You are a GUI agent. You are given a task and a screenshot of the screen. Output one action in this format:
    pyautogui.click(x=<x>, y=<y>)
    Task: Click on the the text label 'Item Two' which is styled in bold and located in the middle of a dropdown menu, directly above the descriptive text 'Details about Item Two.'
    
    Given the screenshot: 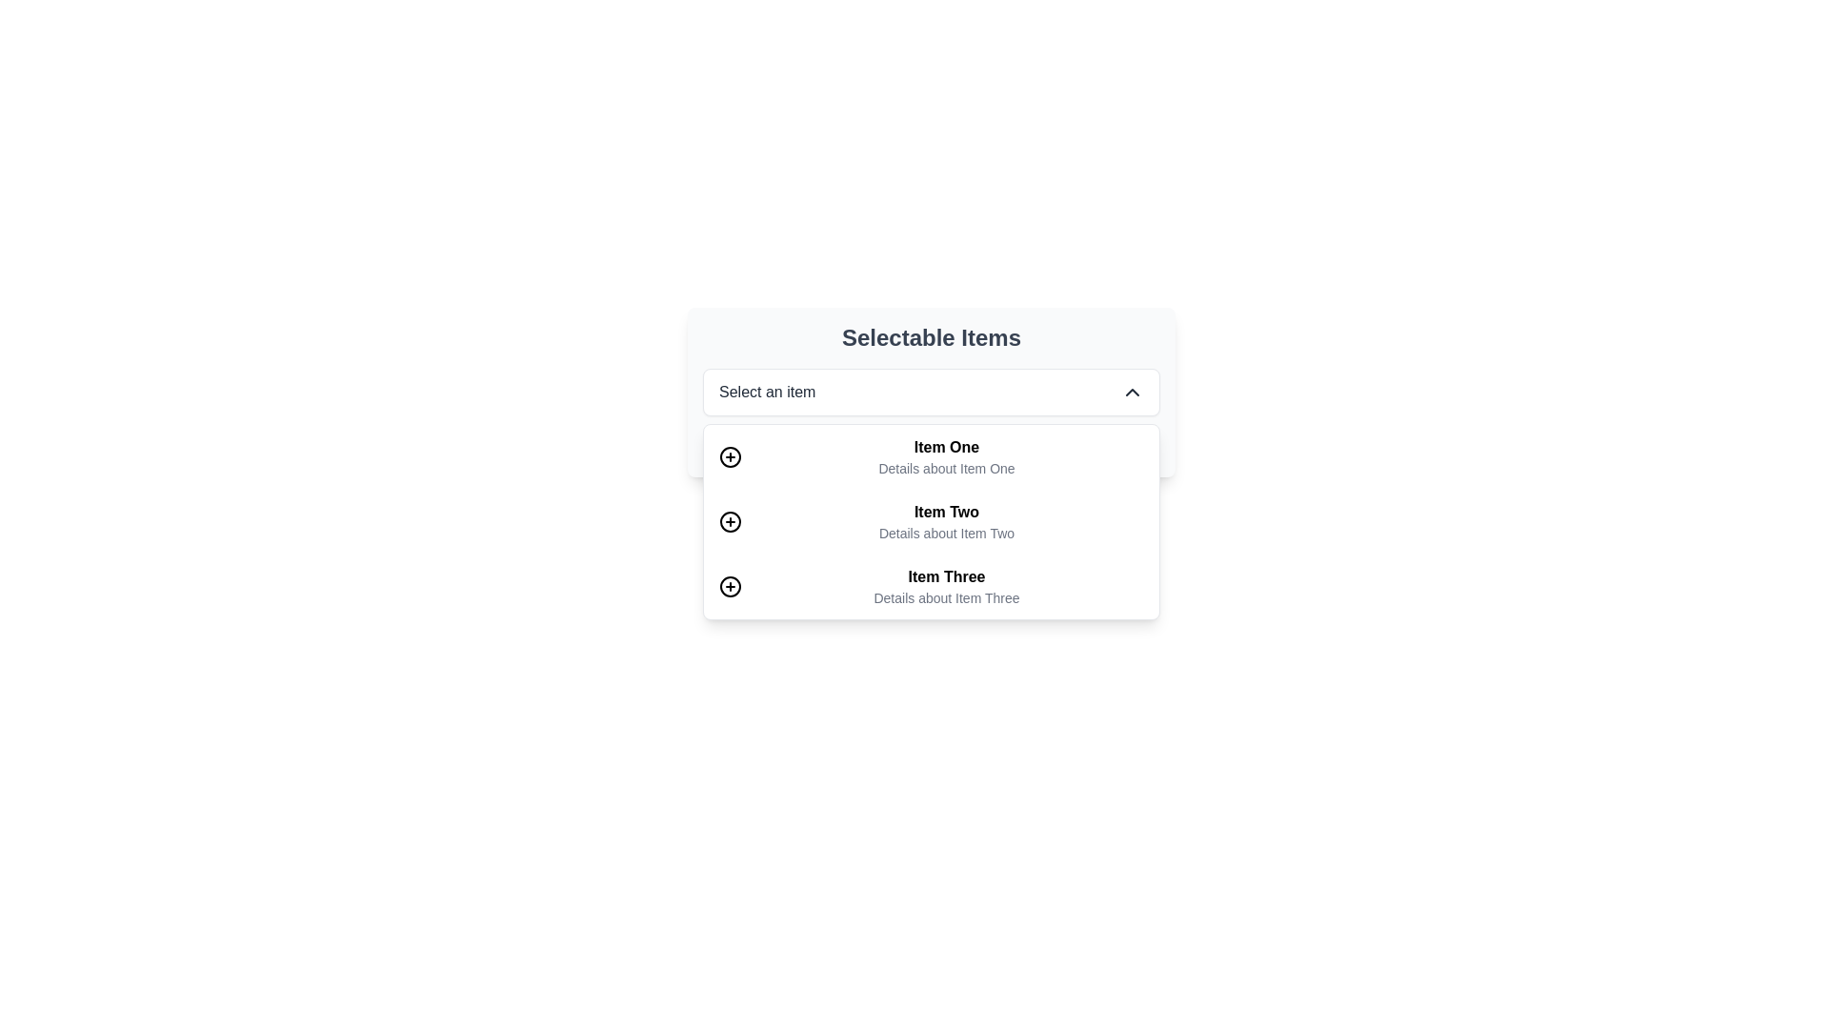 What is the action you would take?
    pyautogui.click(x=946, y=511)
    